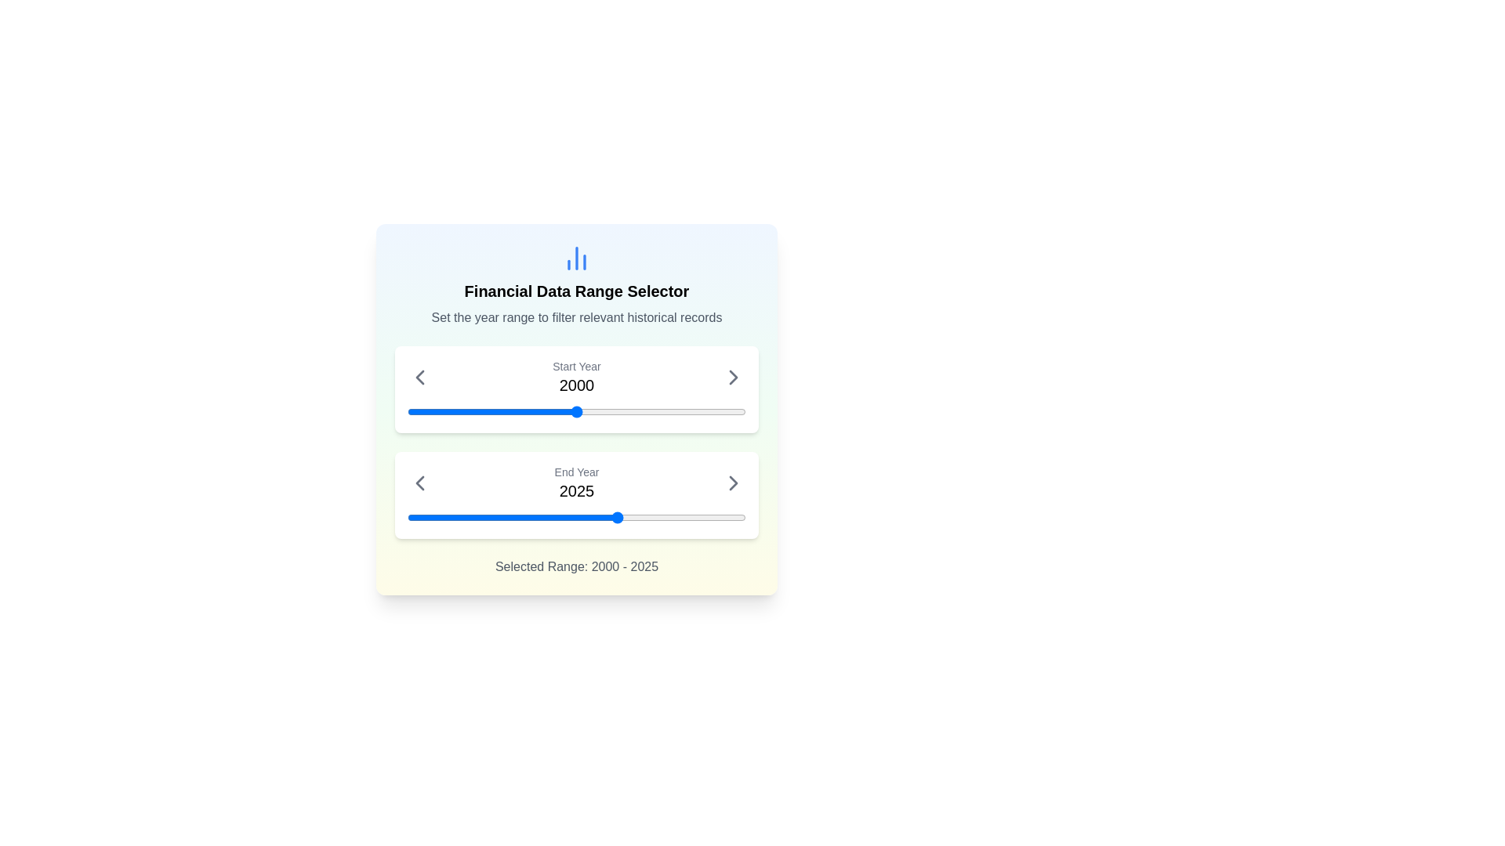  What do you see at coordinates (488, 517) in the screenshot?
I see `the year` at bounding box center [488, 517].